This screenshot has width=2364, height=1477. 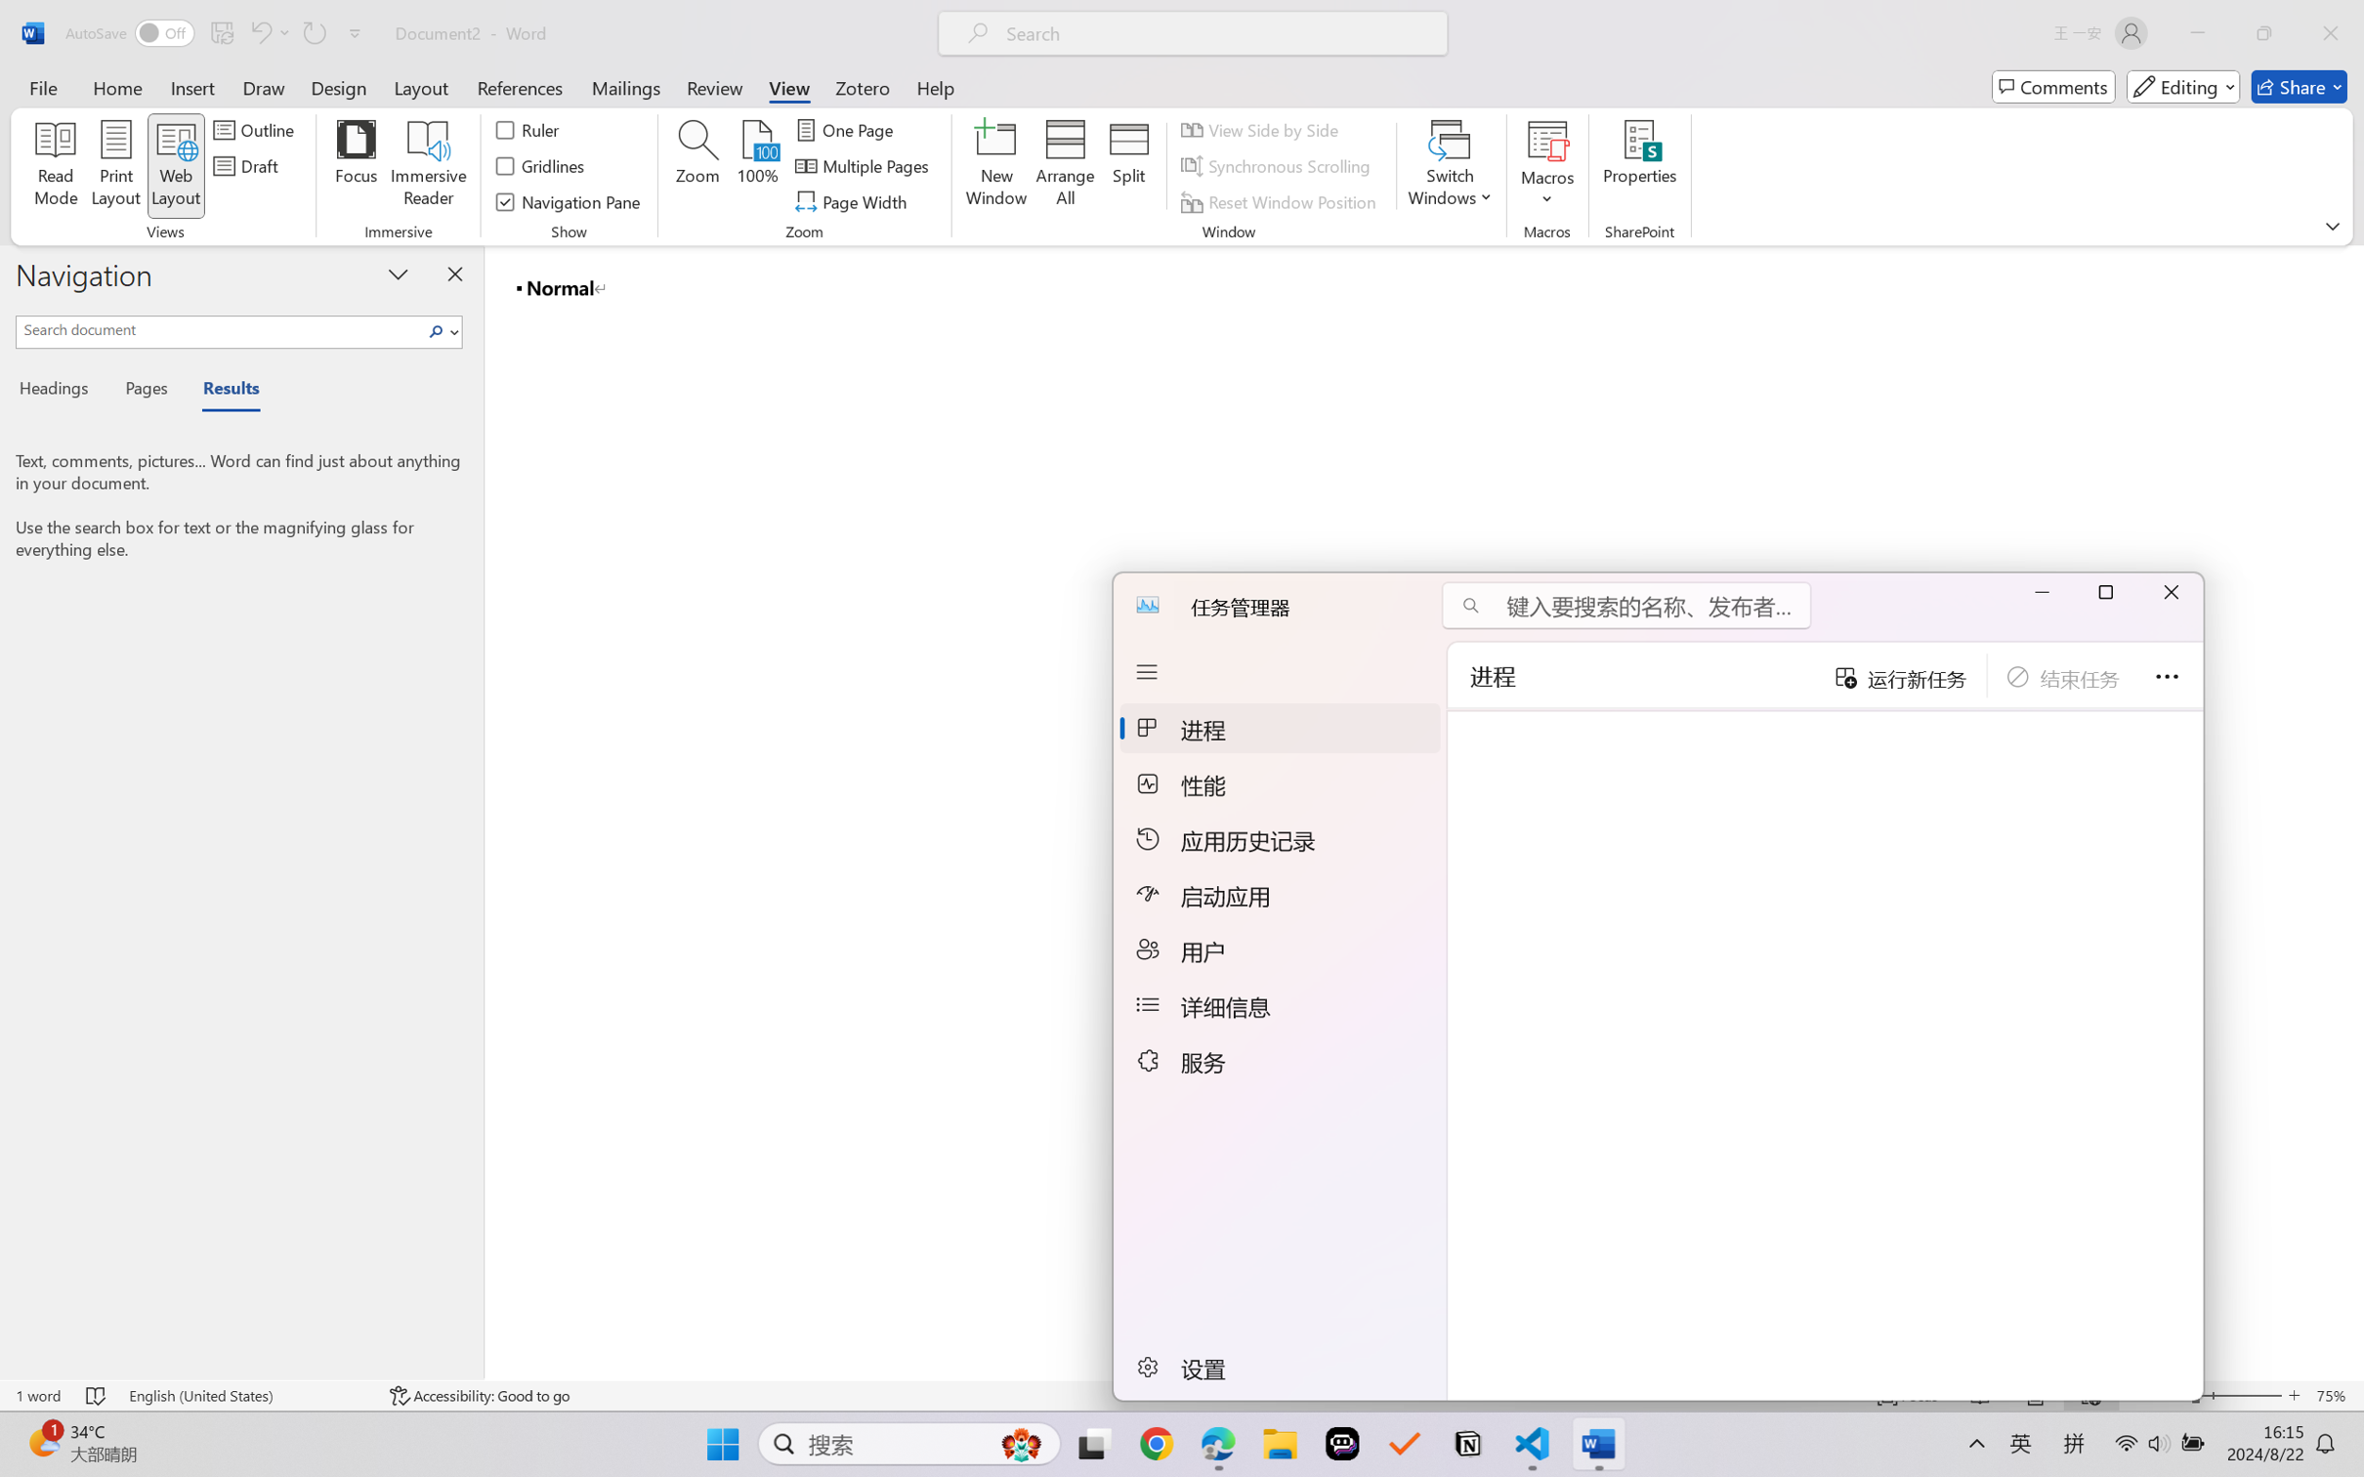 What do you see at coordinates (715, 86) in the screenshot?
I see `'Review'` at bounding box center [715, 86].